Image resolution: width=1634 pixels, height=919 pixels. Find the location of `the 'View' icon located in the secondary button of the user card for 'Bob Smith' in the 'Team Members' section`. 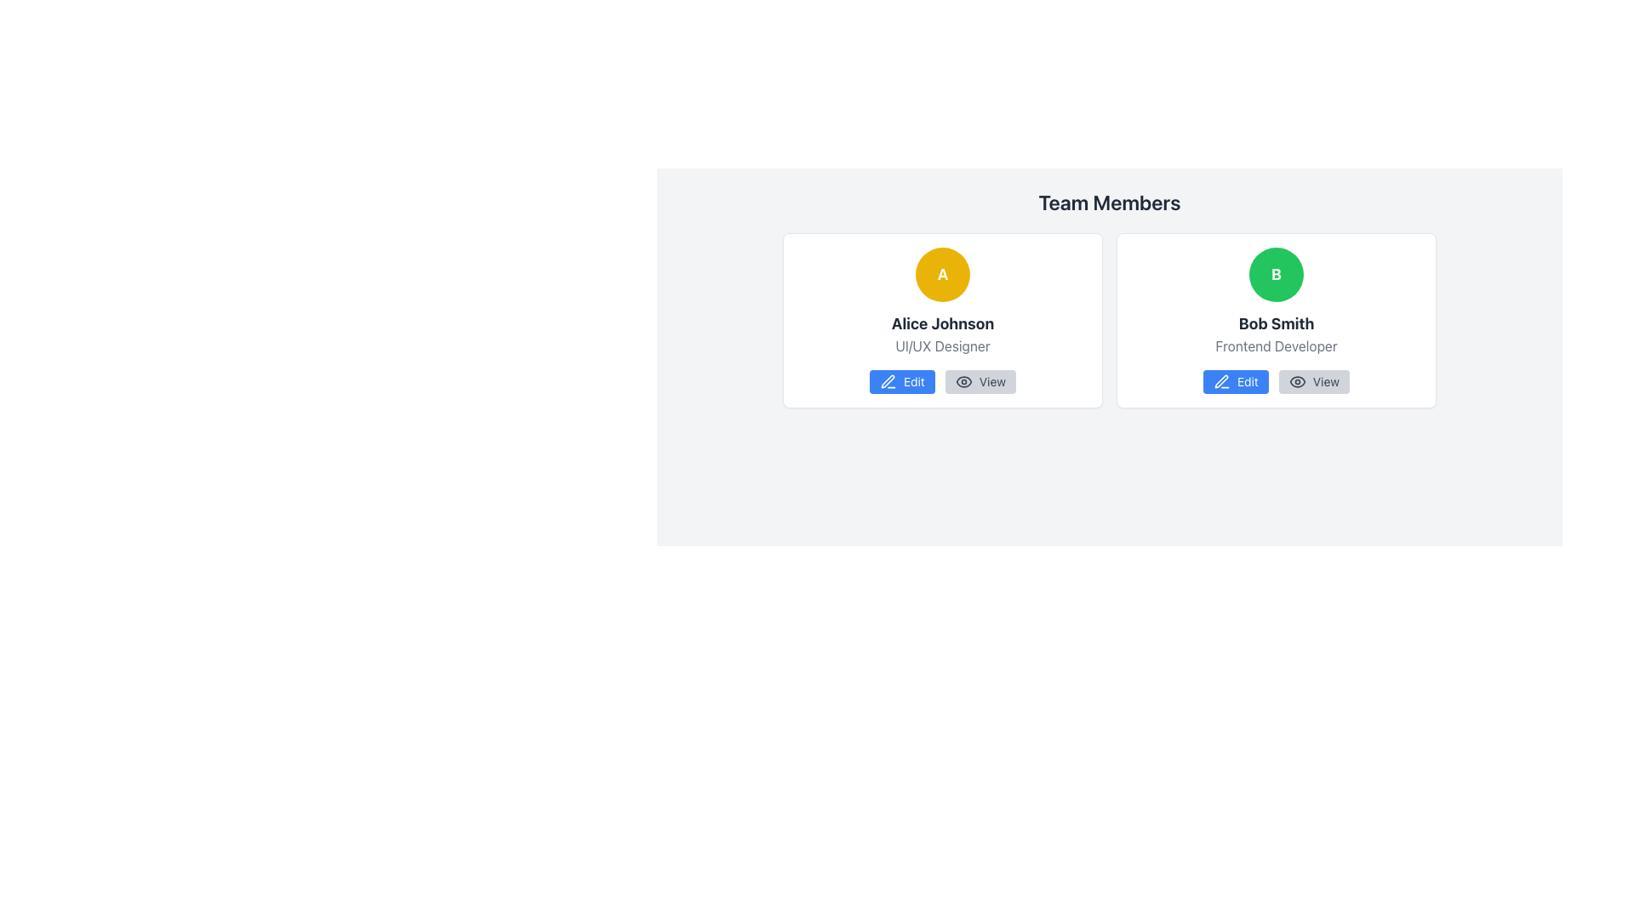

the 'View' icon located in the secondary button of the user card for 'Bob Smith' in the 'Team Members' section is located at coordinates (1296, 380).